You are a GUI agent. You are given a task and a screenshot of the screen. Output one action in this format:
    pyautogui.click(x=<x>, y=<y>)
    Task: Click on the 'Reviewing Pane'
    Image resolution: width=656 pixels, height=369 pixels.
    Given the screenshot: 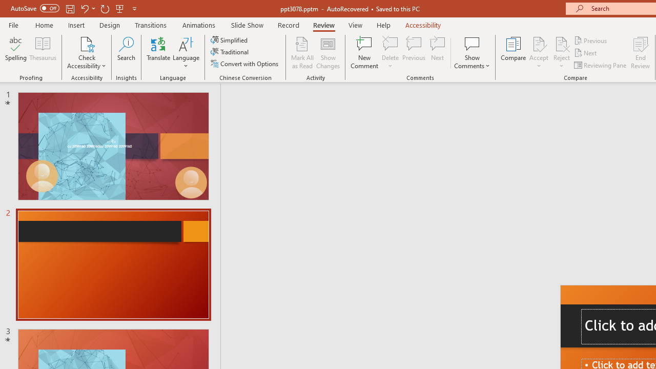 What is the action you would take?
    pyautogui.click(x=601, y=65)
    